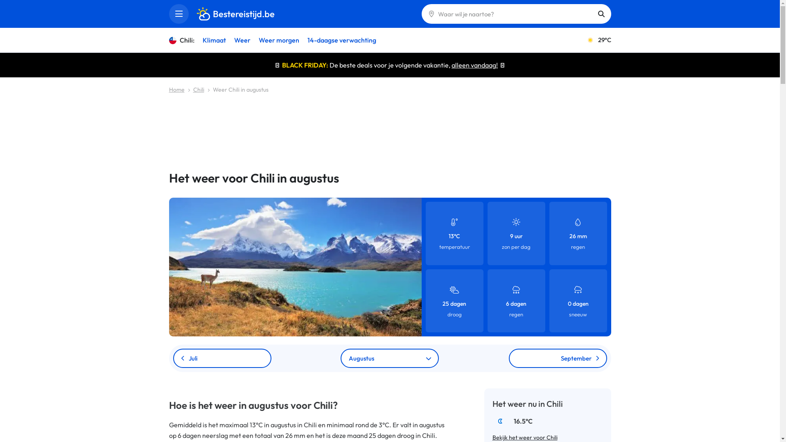 This screenshot has width=786, height=442. Describe the element at coordinates (176, 90) in the screenshot. I see `'Home'` at that location.